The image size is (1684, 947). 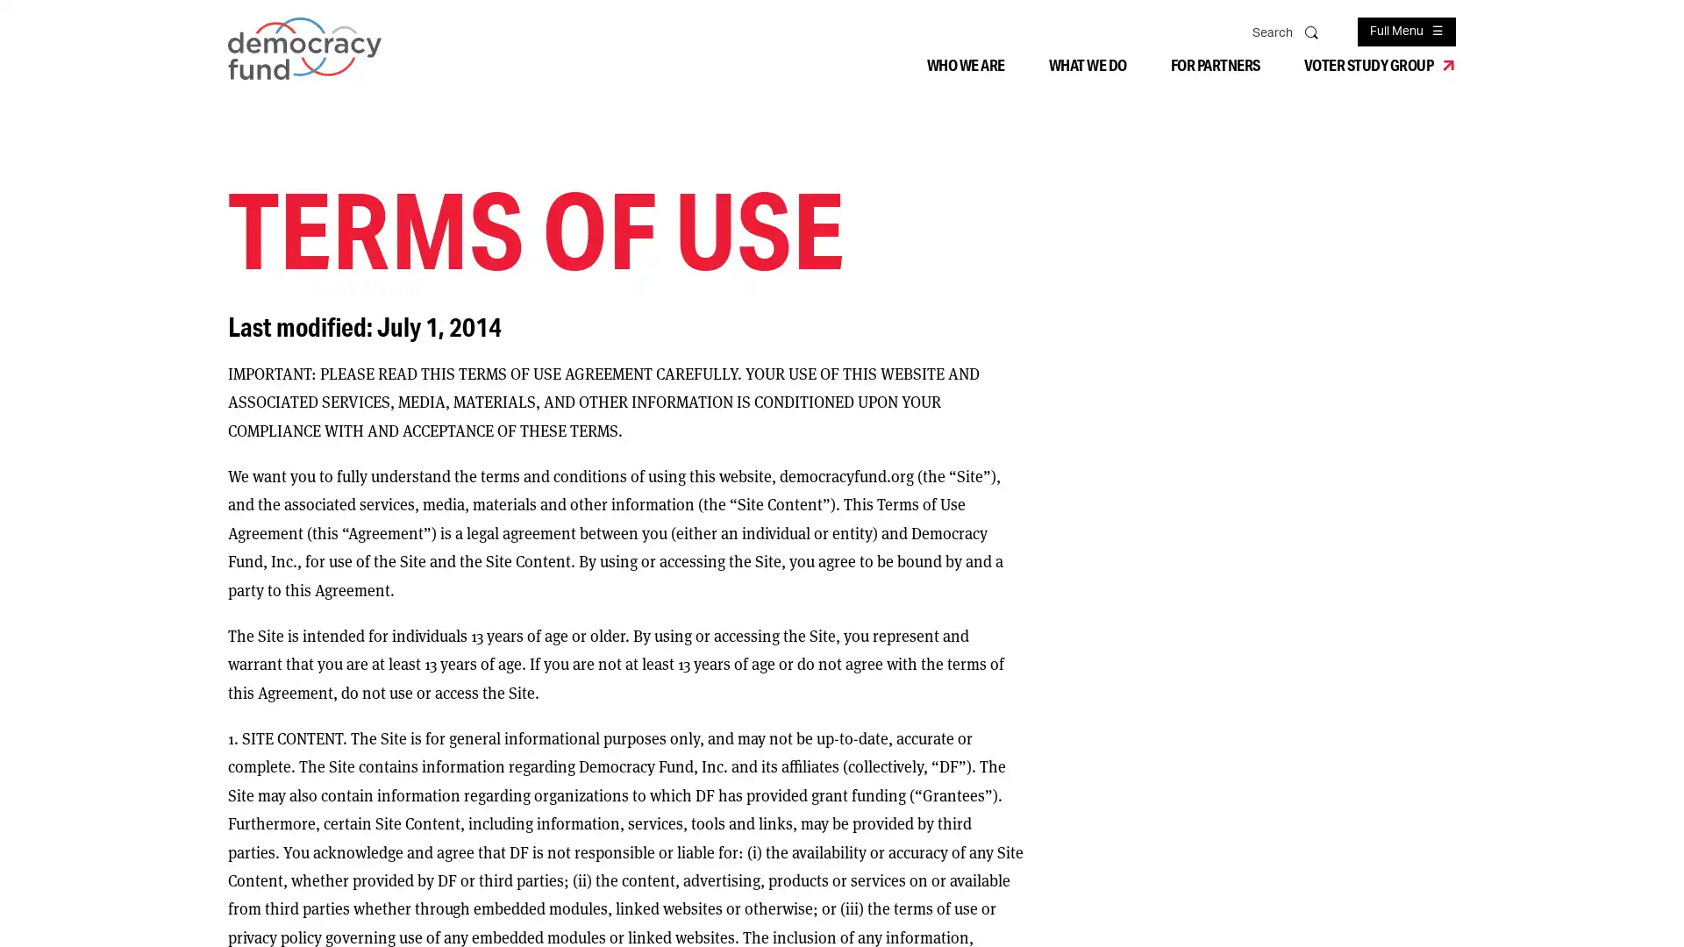 I want to click on Search, so click(x=1313, y=31).